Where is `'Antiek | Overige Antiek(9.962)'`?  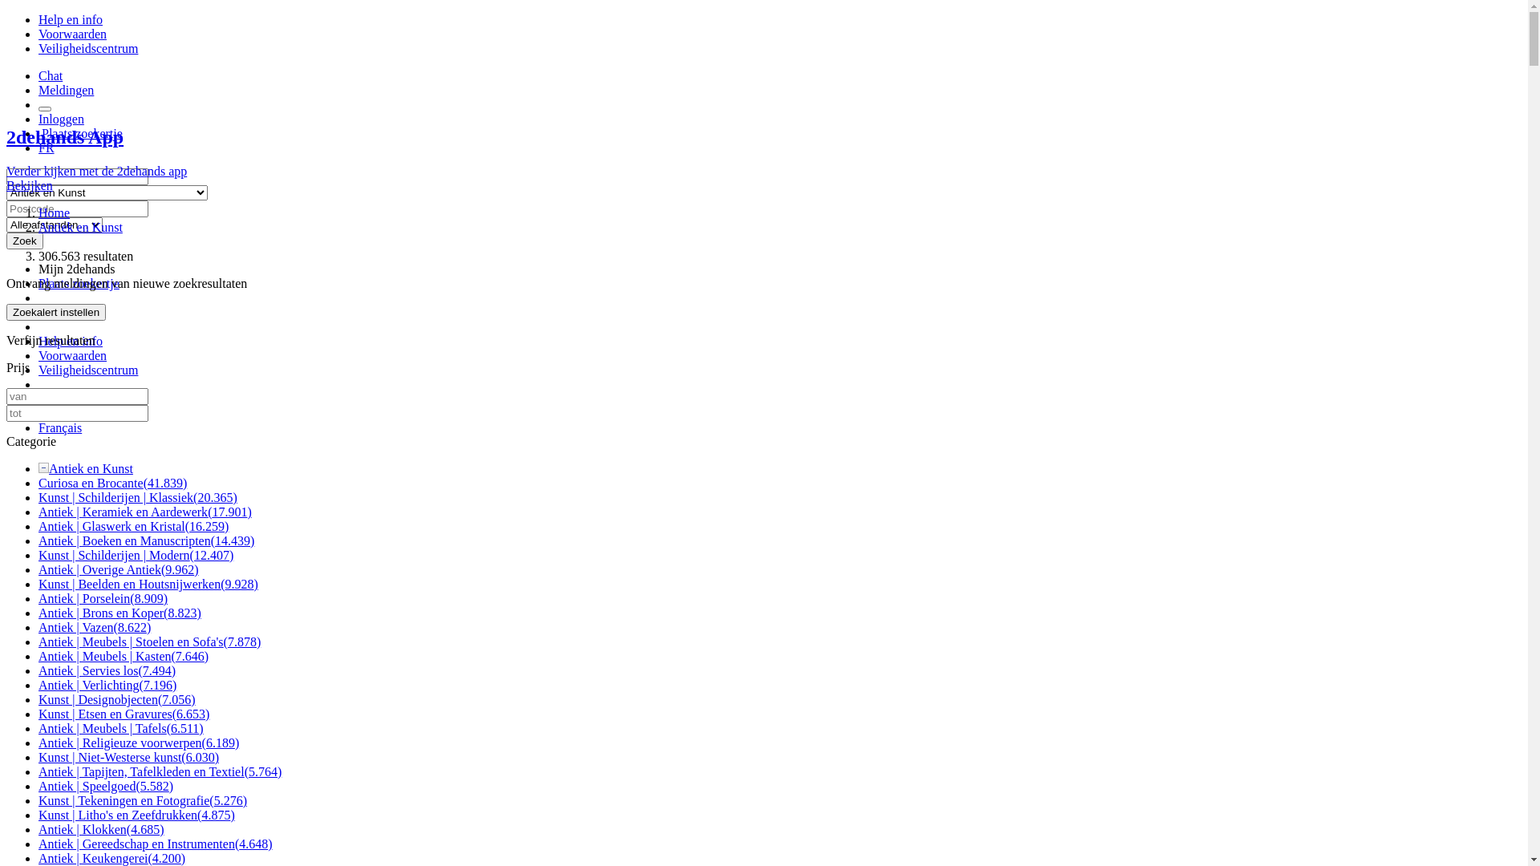
'Antiek | Overige Antiek(9.962)' is located at coordinates (38, 569).